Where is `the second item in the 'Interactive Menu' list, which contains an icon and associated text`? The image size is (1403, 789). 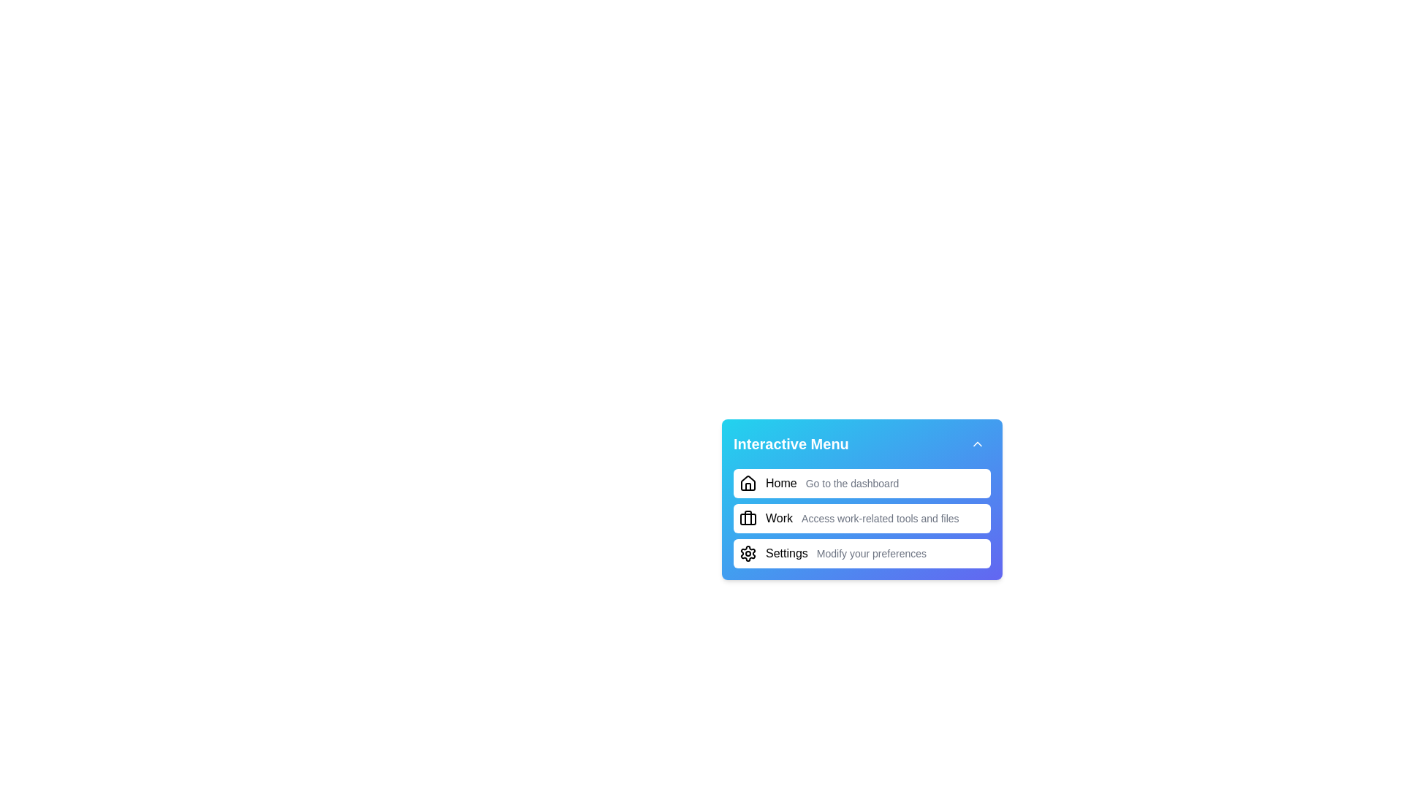 the second item in the 'Interactive Menu' list, which contains an icon and associated text is located at coordinates (862, 517).